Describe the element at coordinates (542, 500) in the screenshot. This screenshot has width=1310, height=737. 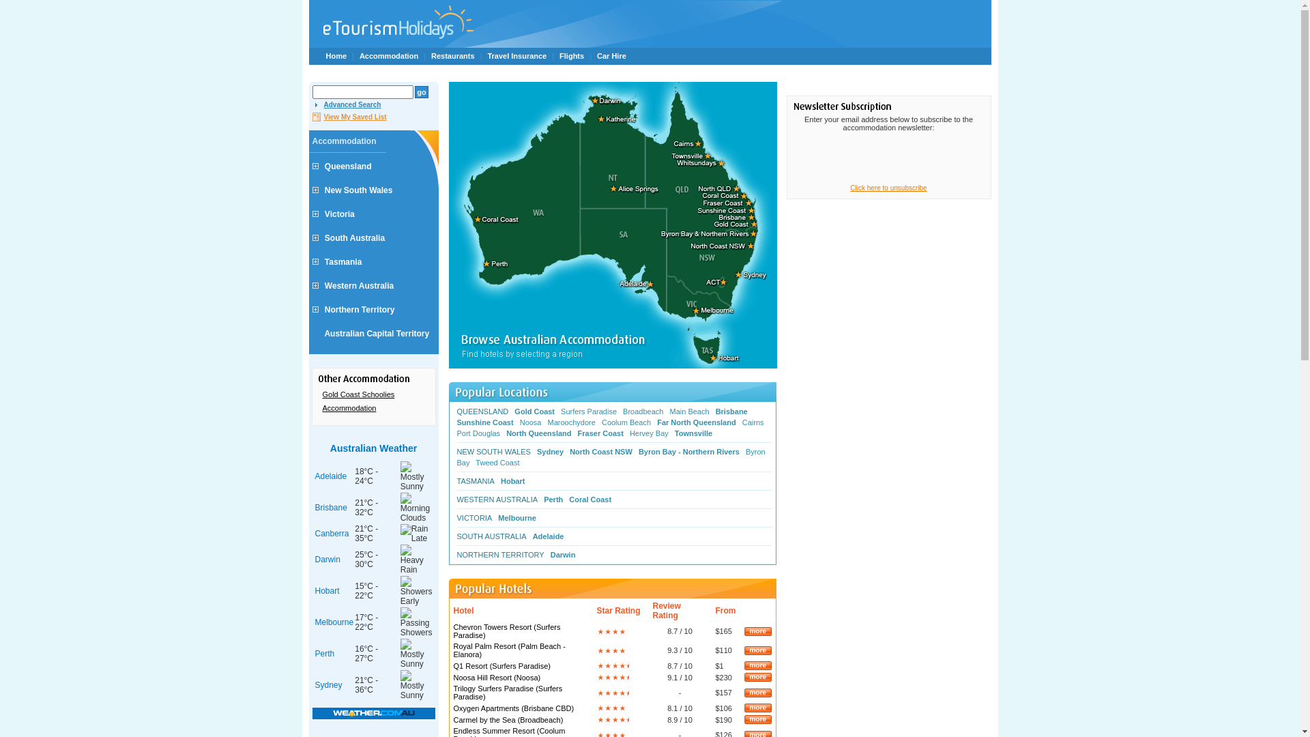
I see `'Perth'` at that location.